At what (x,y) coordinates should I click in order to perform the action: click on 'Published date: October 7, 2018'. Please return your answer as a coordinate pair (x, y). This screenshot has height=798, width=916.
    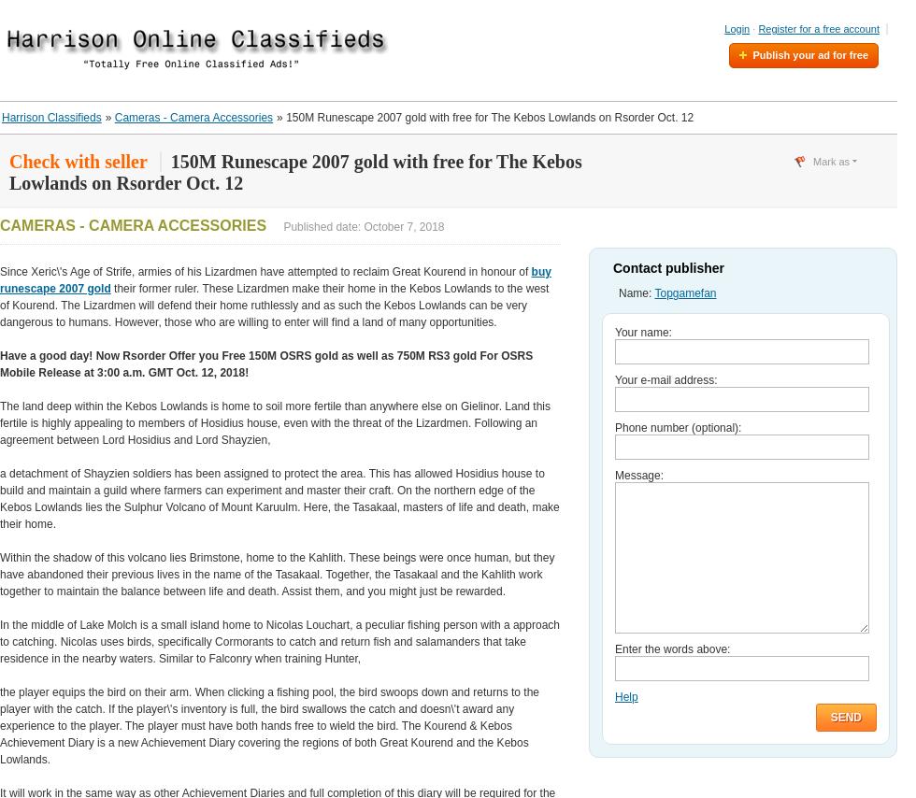
    Looking at the image, I should click on (363, 226).